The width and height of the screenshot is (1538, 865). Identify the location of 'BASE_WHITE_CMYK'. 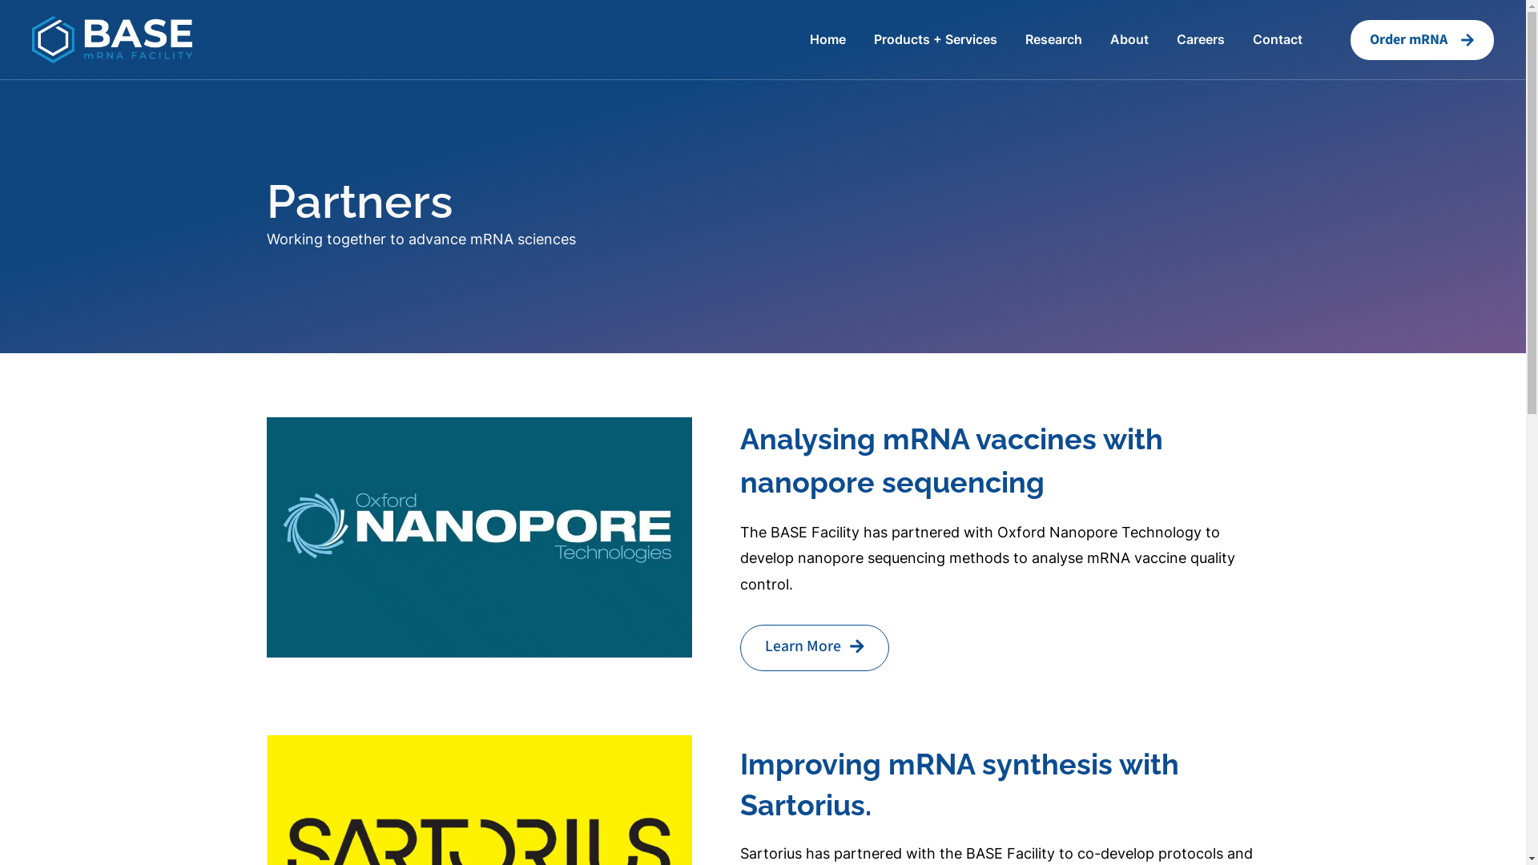
(111, 37).